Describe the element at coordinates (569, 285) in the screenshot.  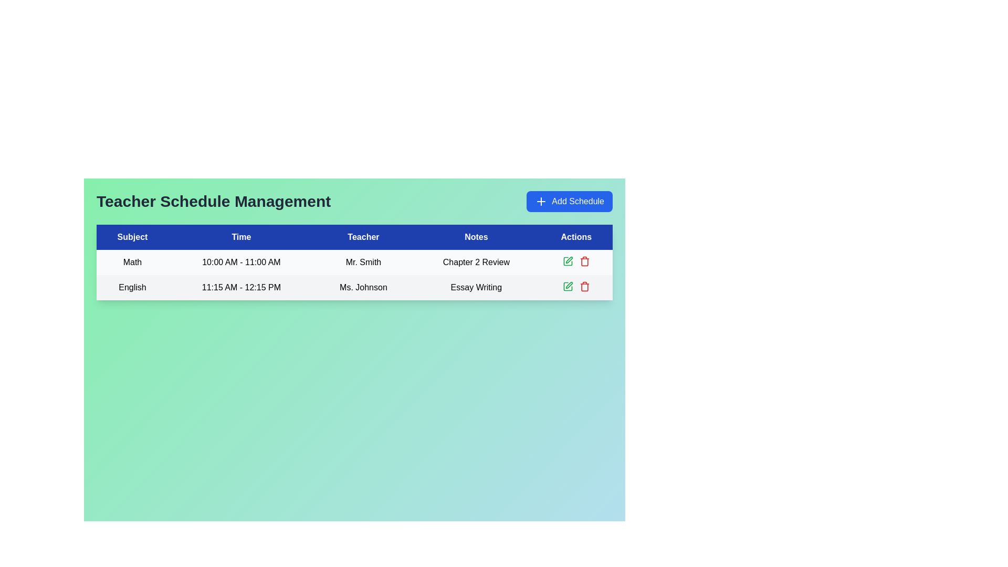
I see `the edit SVG icon located in the 'Actions' column of the second row of the data table to initiate the edit action` at that location.